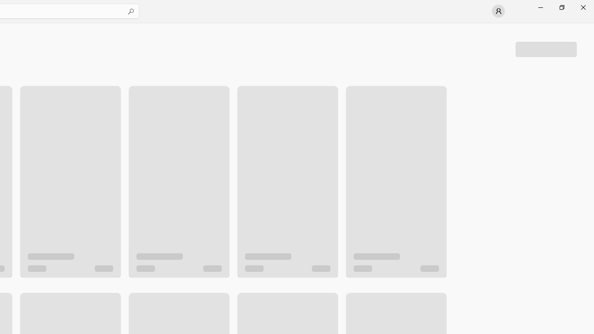  I want to click on 'Restore Microsoft Store', so click(561, 7).